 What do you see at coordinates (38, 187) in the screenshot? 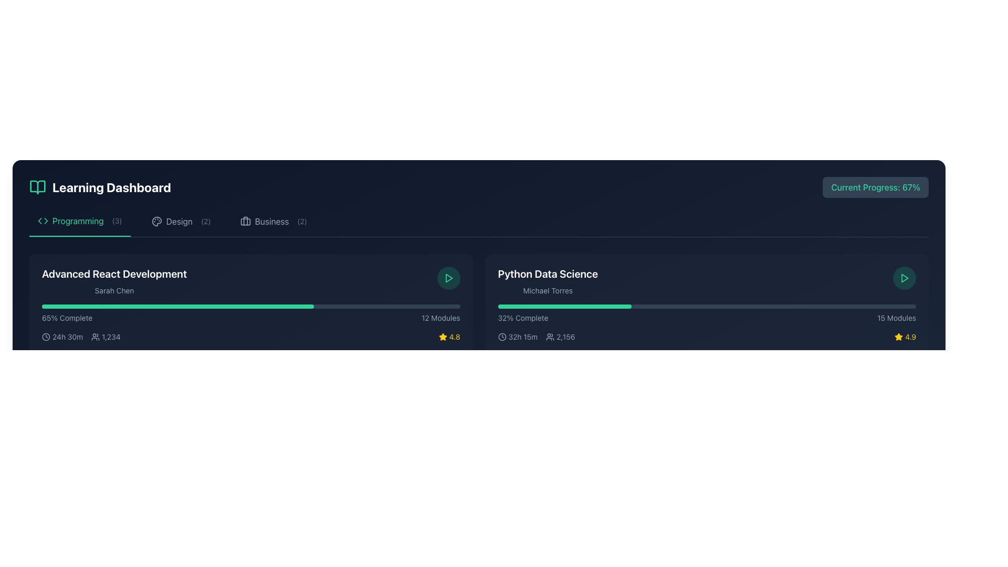
I see `the open-book icon with an emerald-green color located at the top-left corner of the dashboard header before the 'Learning Dashboard' heading` at bounding box center [38, 187].